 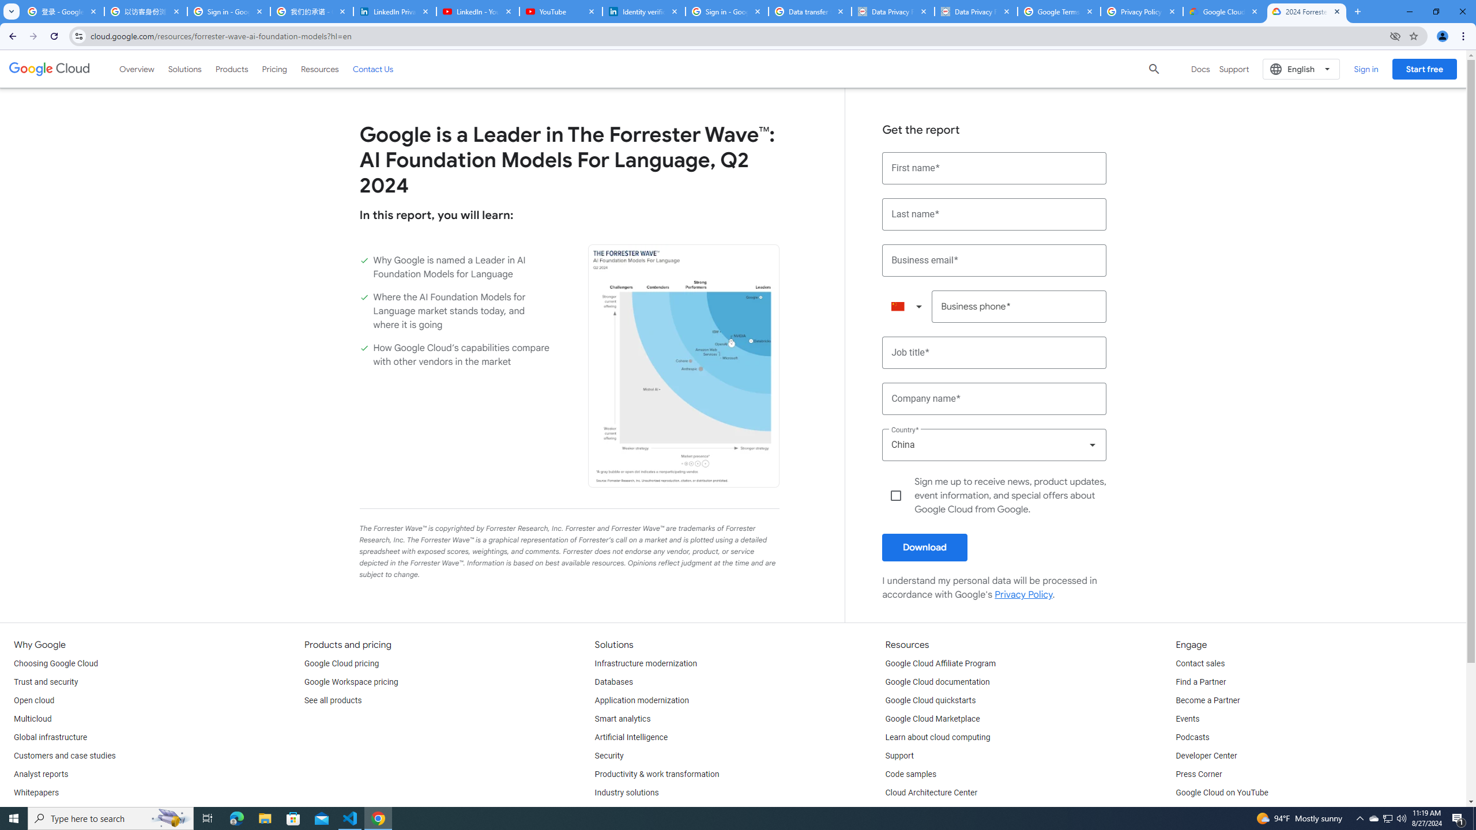 I want to click on 'Developer Center', so click(x=1206, y=755).